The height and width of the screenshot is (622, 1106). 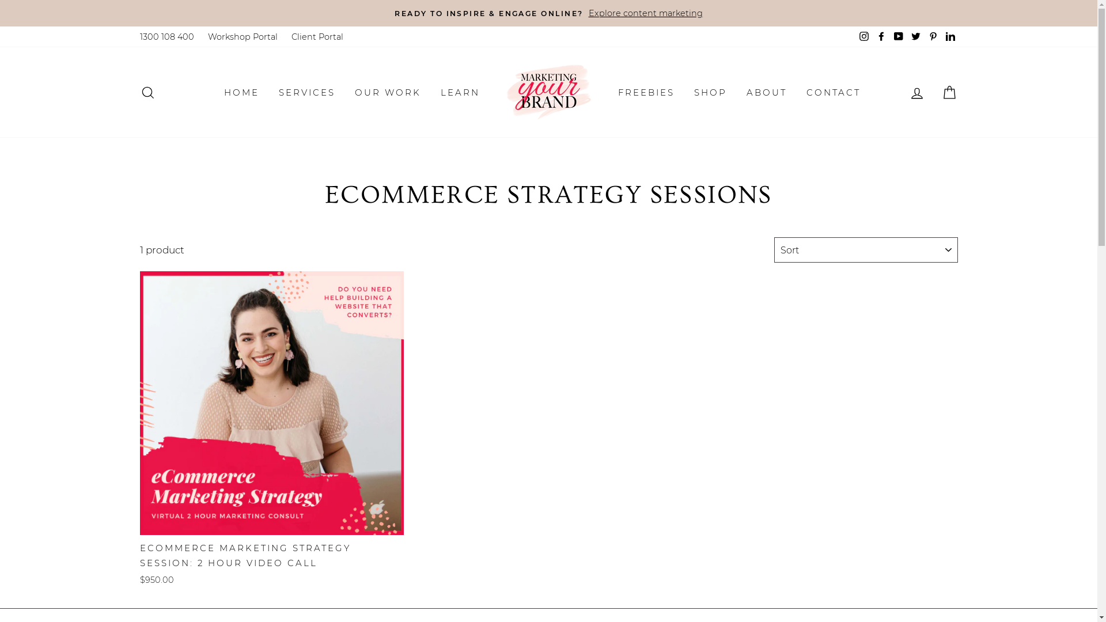 I want to click on 'Chatbot', so click(x=1051, y=575).